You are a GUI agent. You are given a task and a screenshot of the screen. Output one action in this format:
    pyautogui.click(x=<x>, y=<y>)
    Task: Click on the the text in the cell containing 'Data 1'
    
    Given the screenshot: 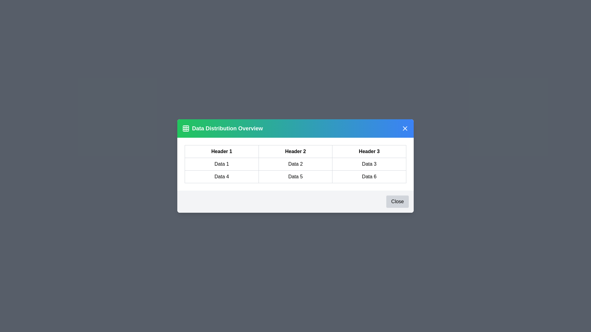 What is the action you would take?
    pyautogui.click(x=222, y=164)
    